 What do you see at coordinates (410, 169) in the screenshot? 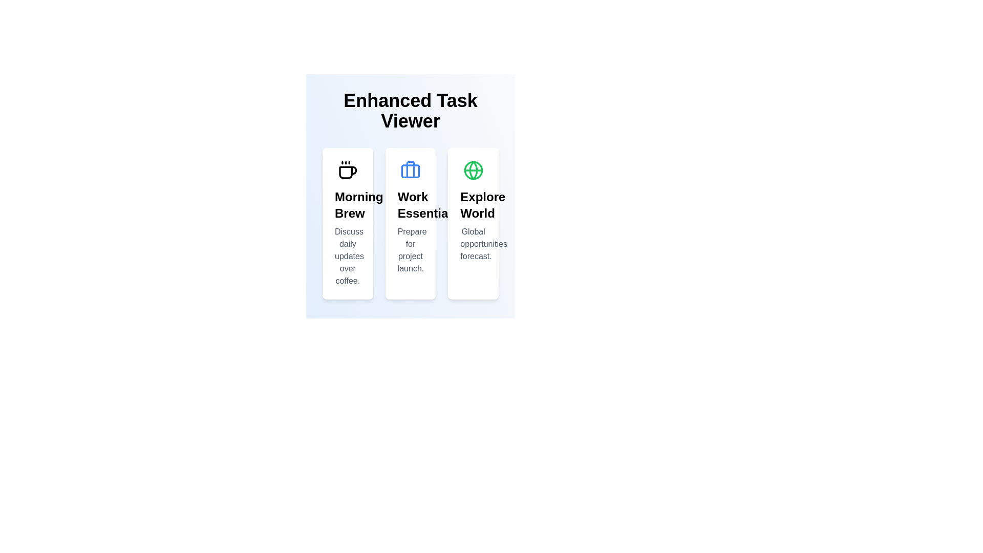
I see `the 'Work Essentials' icon located at the center of the card above the title 'Work Essentials' and the subtitle 'Prepare for project launch' for possible associated actions` at bounding box center [410, 169].